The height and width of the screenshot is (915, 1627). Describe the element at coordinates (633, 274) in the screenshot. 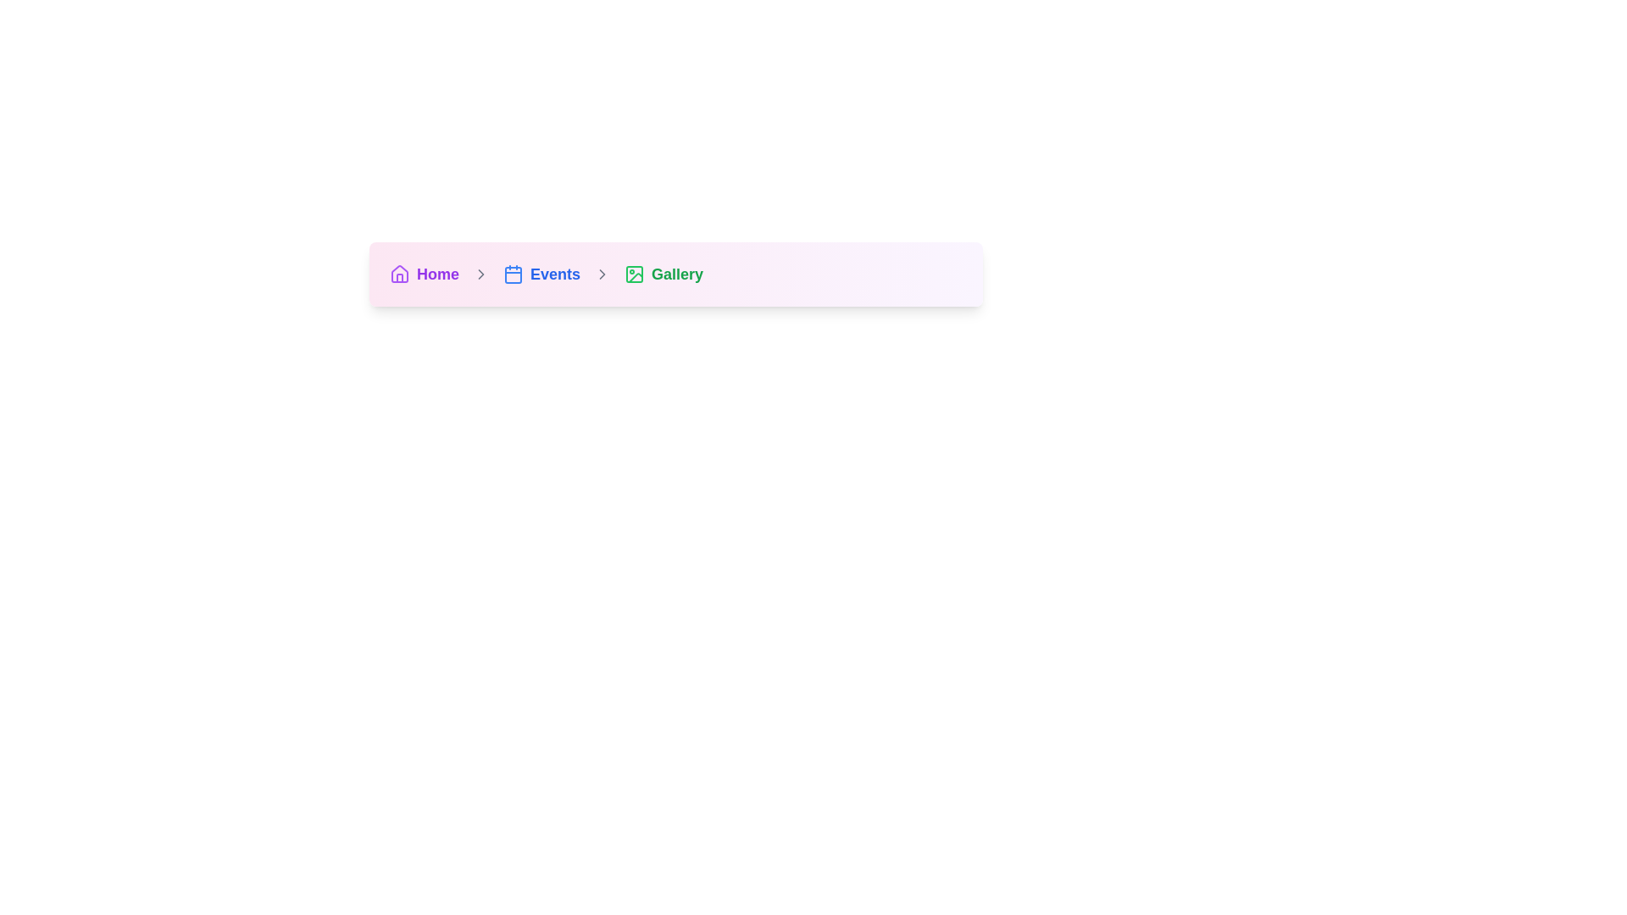

I see `the green-colored framed picture icon representing image or gallery features, located in the breadcrumb navigation section, positioned to the left of the text 'Gallery'` at that location.